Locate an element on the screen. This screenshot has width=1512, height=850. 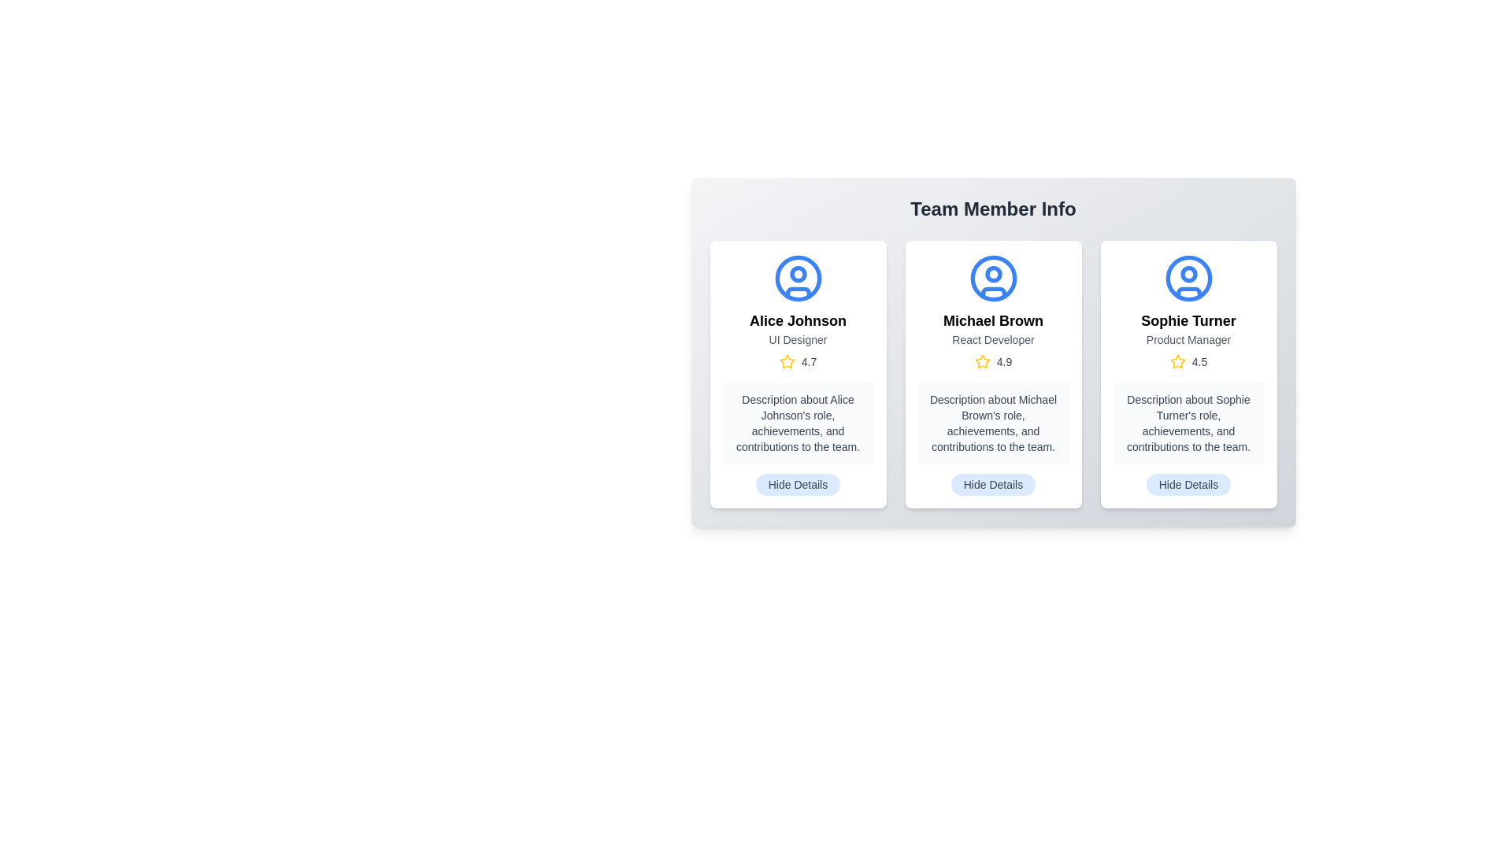
the button located at the bottom center of Michael Brown's card to hide the additional detailed information about him is located at coordinates (992, 484).